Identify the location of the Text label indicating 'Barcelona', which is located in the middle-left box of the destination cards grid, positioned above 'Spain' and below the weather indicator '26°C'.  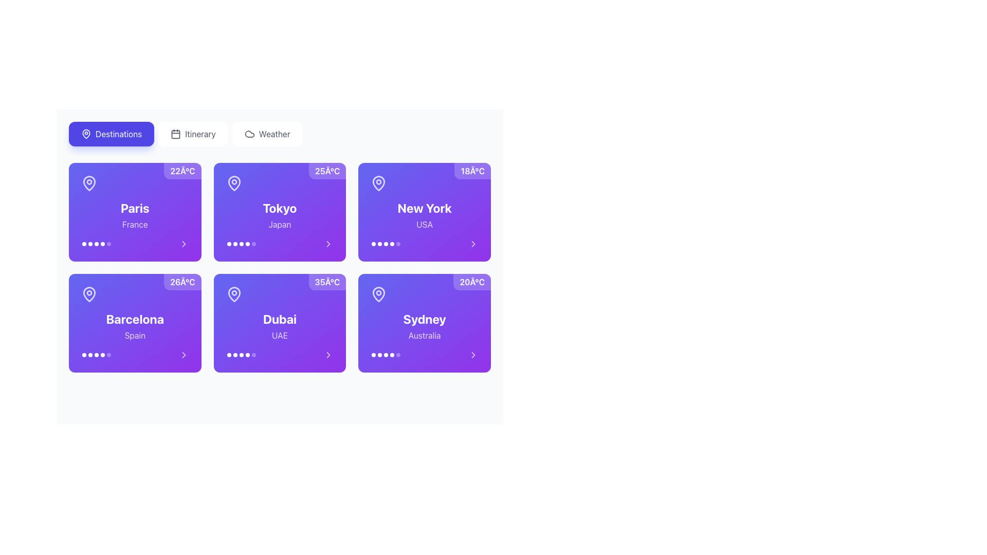
(134, 319).